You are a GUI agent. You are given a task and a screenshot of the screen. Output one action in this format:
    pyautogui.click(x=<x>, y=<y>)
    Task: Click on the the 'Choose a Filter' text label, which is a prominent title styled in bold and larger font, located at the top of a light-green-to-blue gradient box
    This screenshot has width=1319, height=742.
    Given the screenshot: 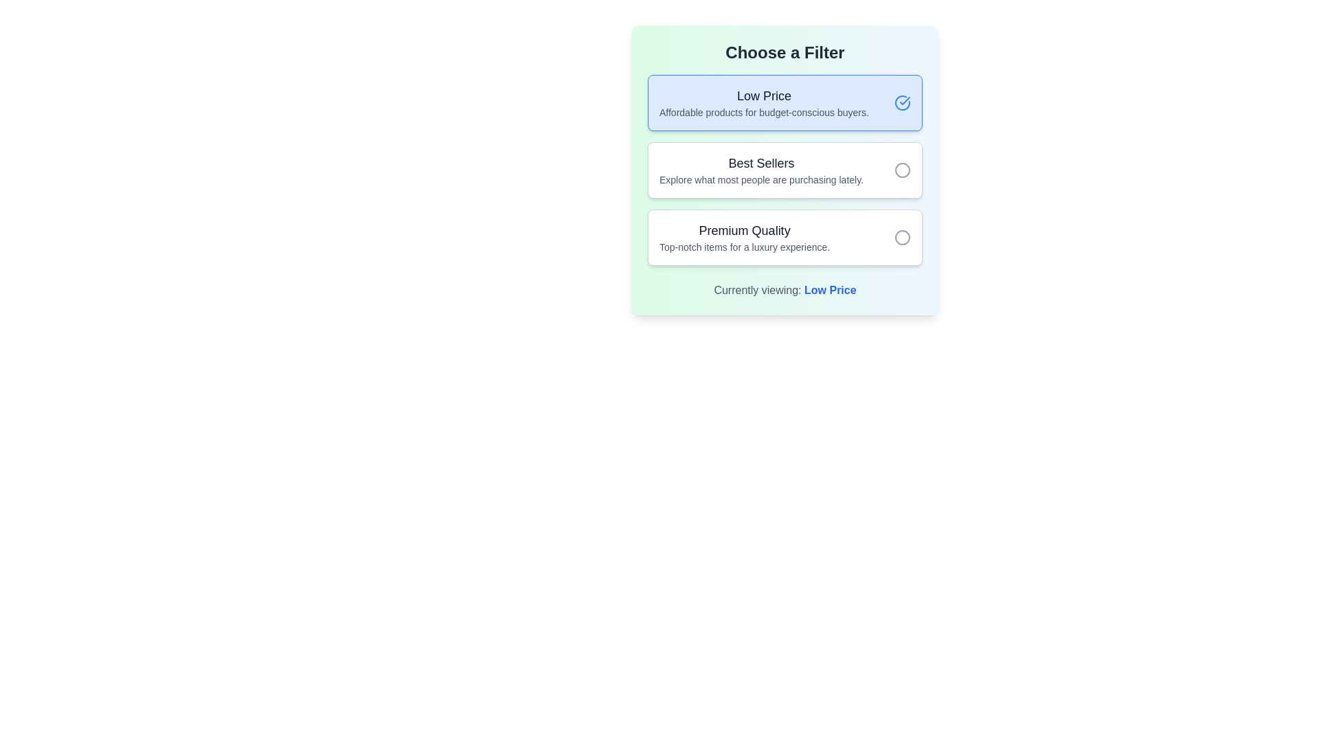 What is the action you would take?
    pyautogui.click(x=785, y=52)
    